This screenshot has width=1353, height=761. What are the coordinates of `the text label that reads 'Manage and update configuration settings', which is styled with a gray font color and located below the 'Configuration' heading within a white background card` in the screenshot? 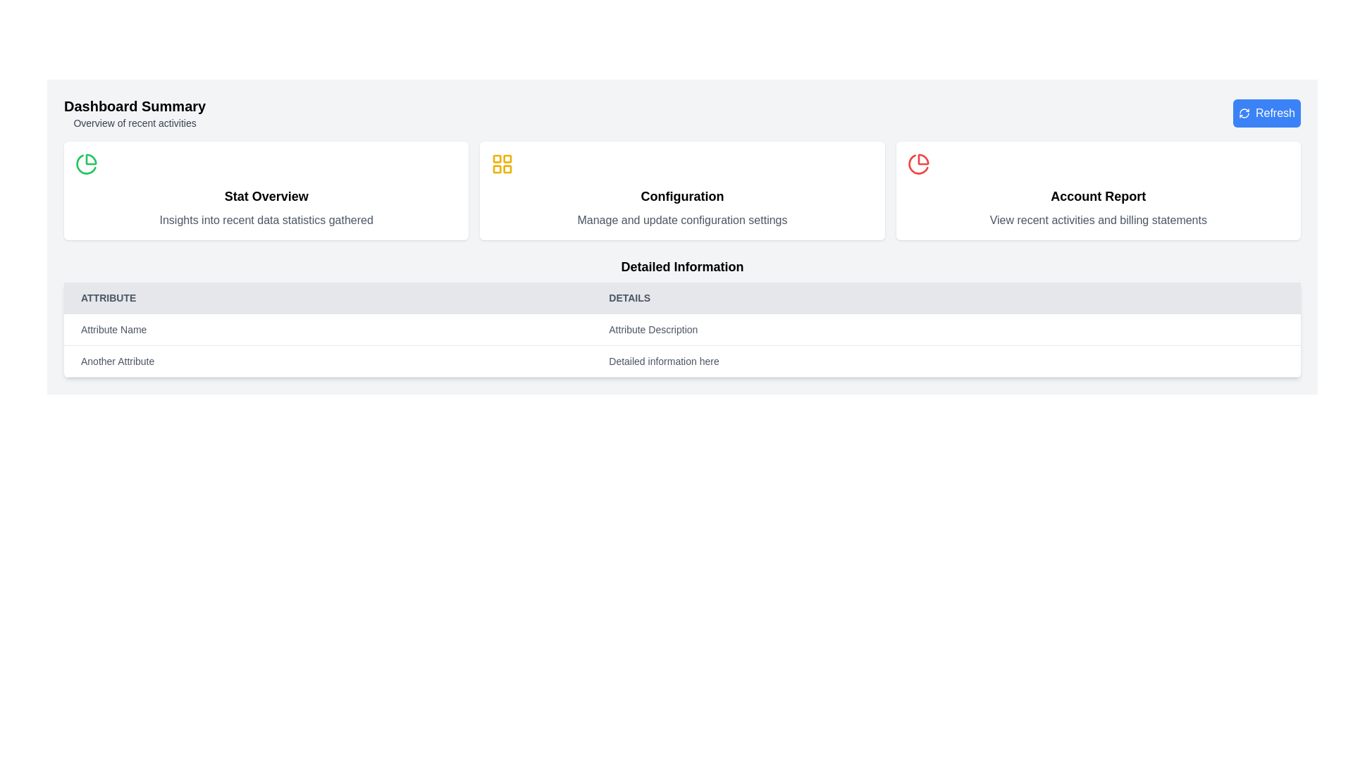 It's located at (682, 220).